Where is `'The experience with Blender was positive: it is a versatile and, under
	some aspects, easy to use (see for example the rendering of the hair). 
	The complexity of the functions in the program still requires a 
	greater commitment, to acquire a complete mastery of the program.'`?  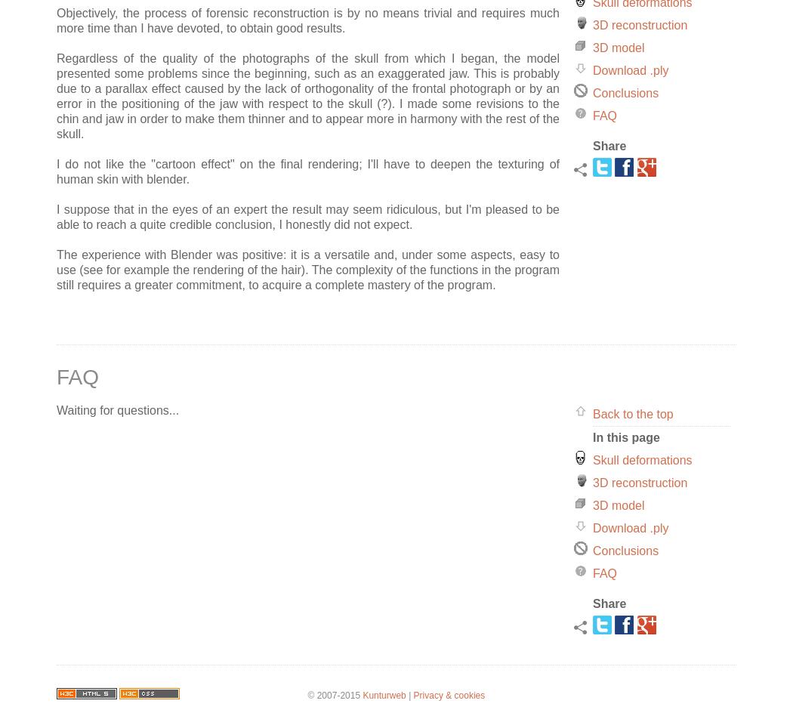 'The experience with Blender was positive: it is a versatile and, under
	some aspects, easy to use (see for example the rendering of the hair). 
	The complexity of the functions in the program still requires a 
	greater commitment, to acquire a complete mastery of the program.' is located at coordinates (308, 269).